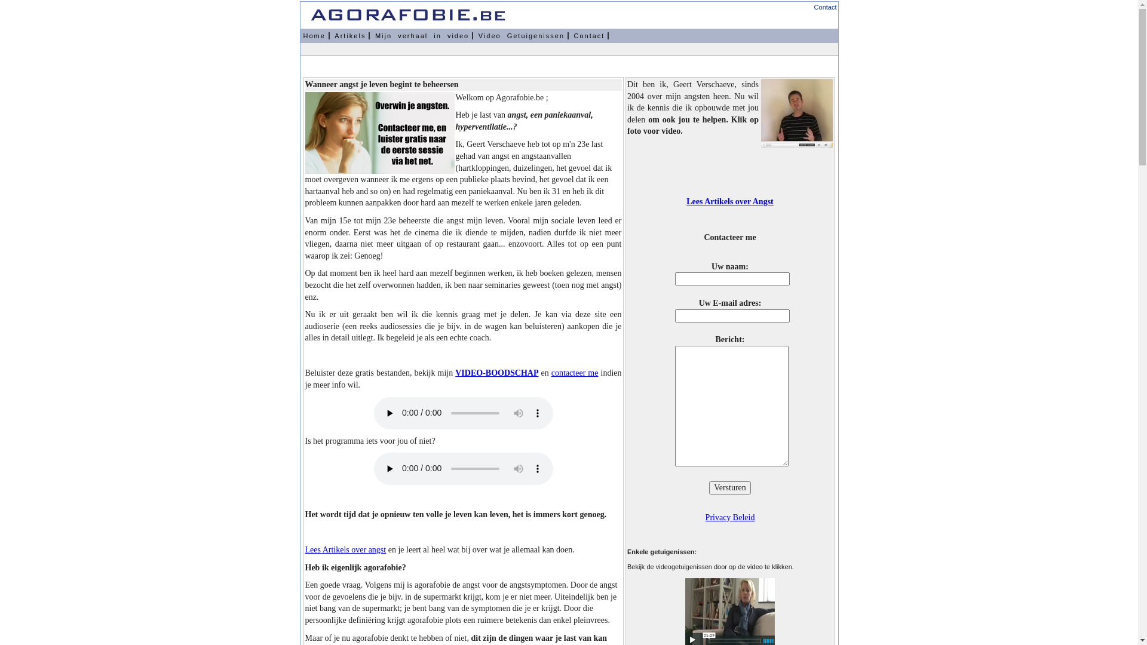 This screenshot has height=645, width=1147. Describe the element at coordinates (575, 372) in the screenshot. I see `'contacteer me'` at that location.